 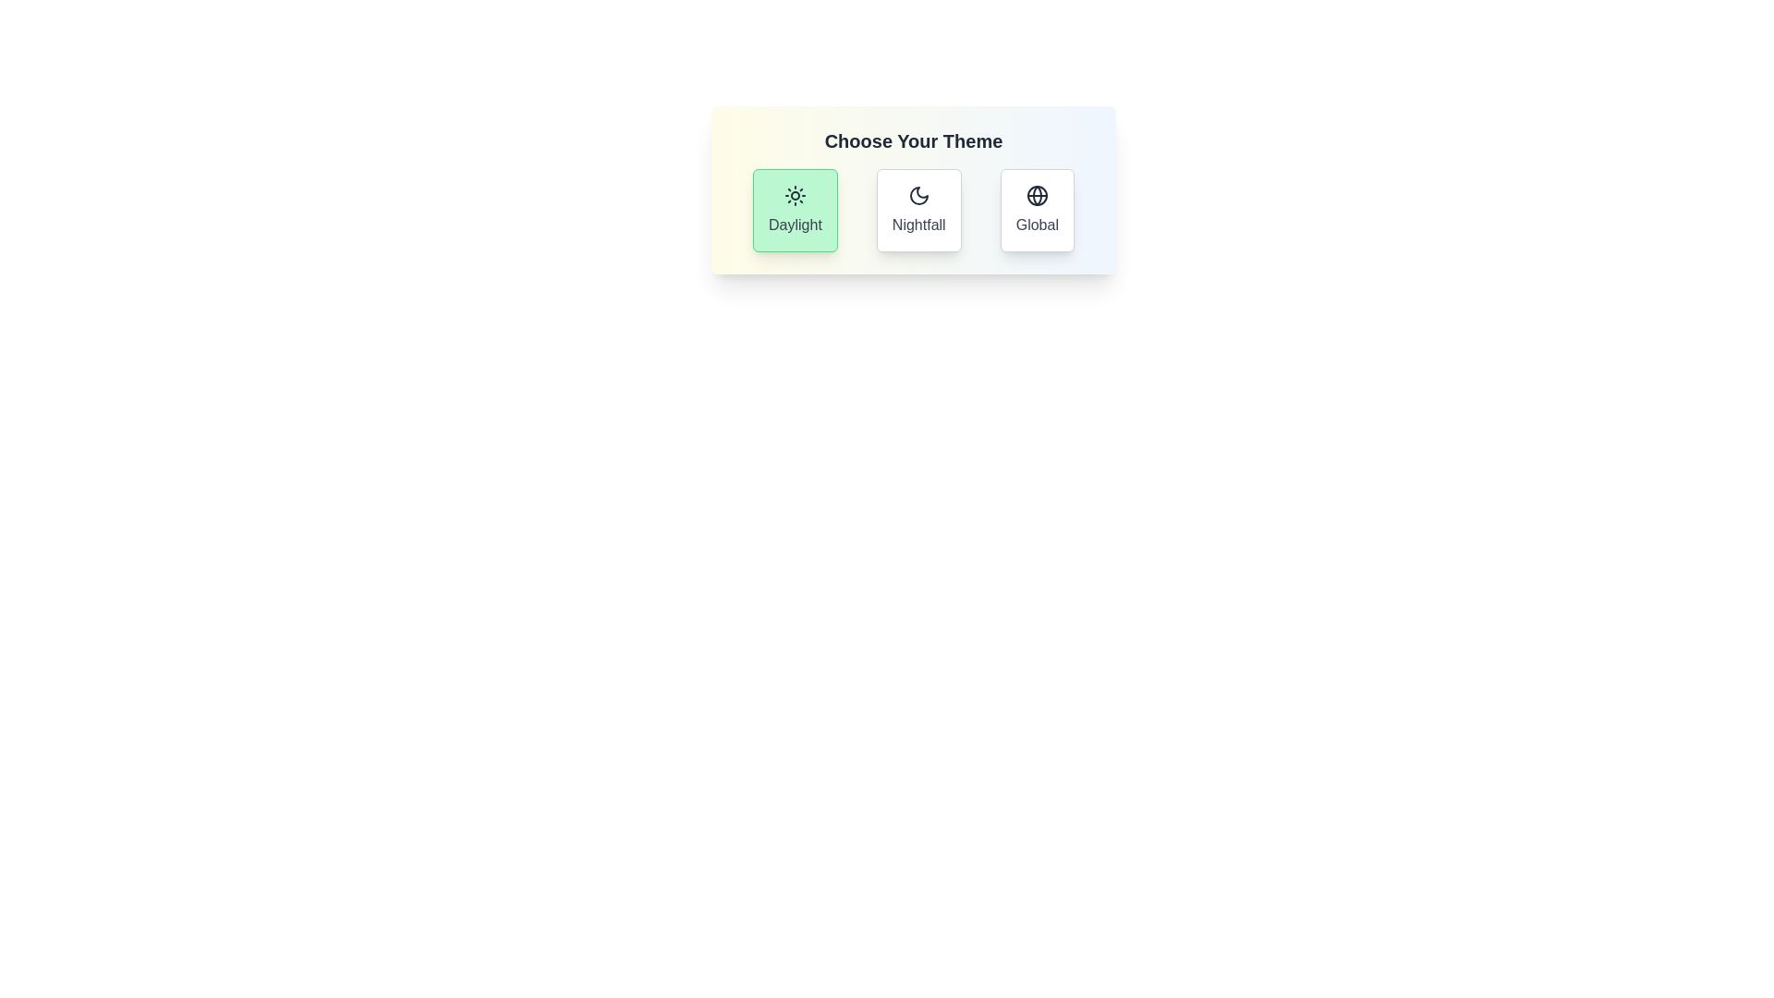 I want to click on the theme Daylight by clicking on its button, so click(x=795, y=209).